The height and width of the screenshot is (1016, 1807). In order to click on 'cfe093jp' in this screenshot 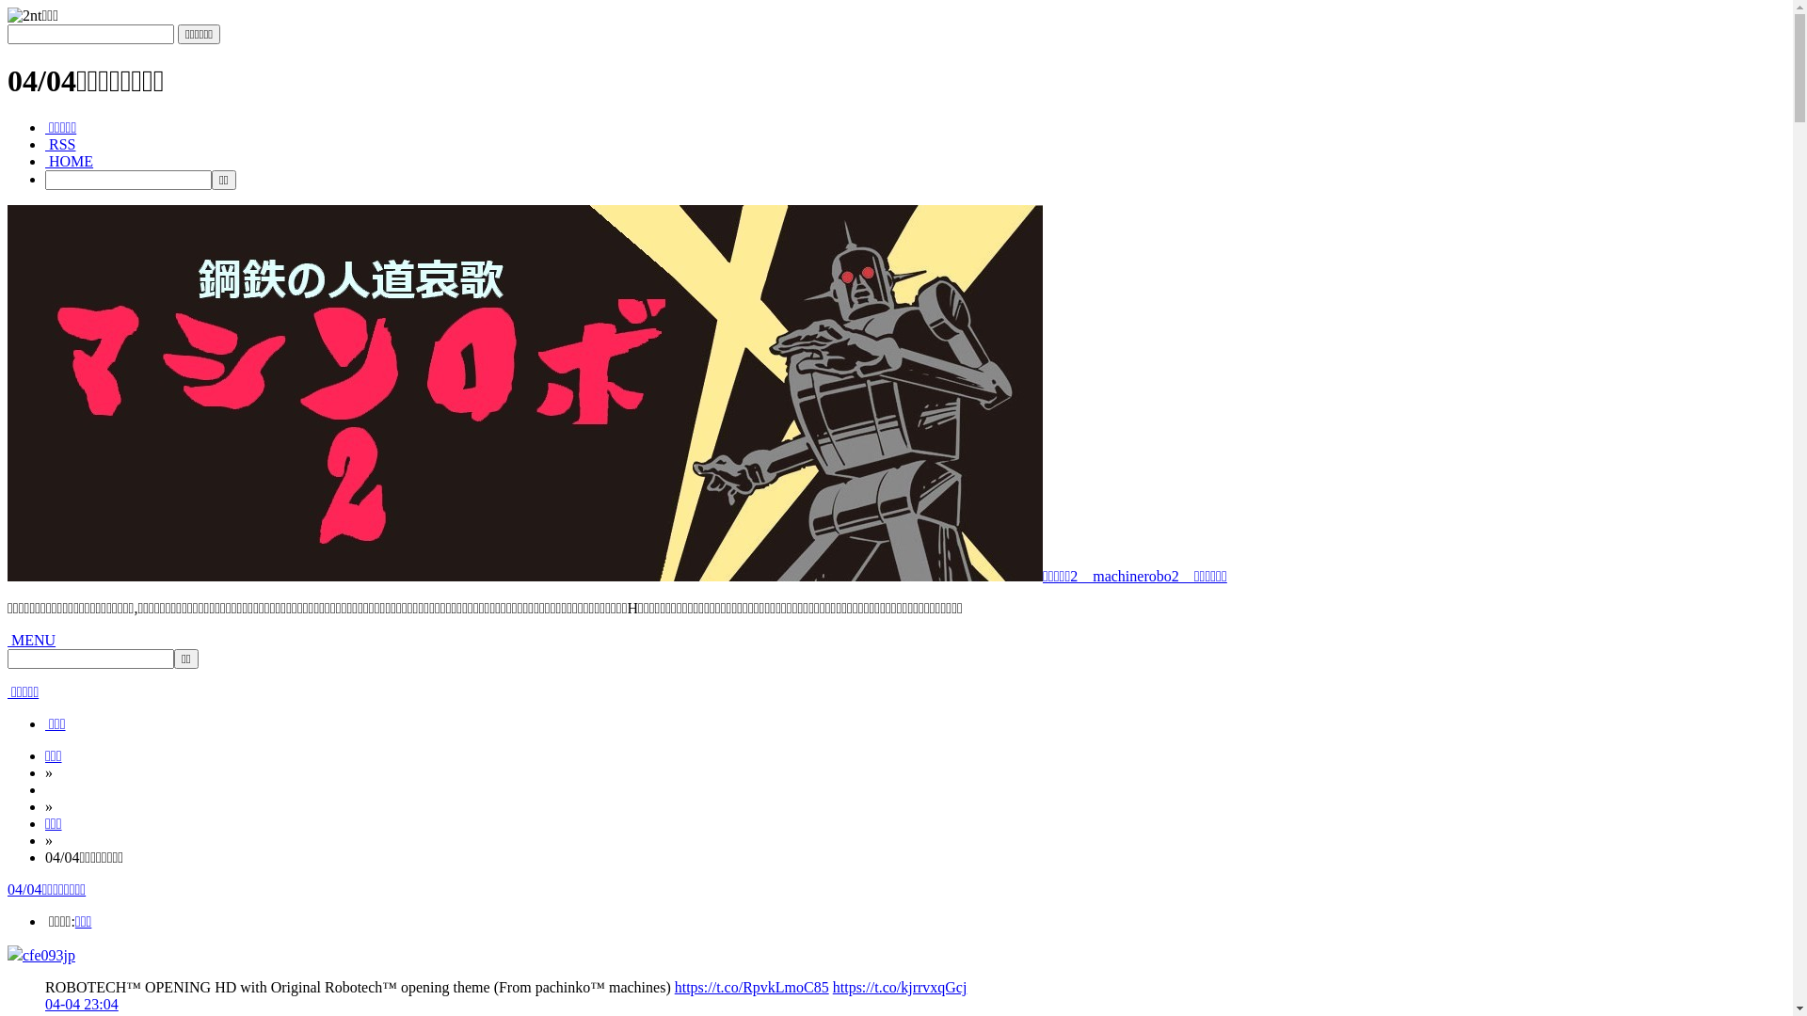, I will do `click(49, 955)`.